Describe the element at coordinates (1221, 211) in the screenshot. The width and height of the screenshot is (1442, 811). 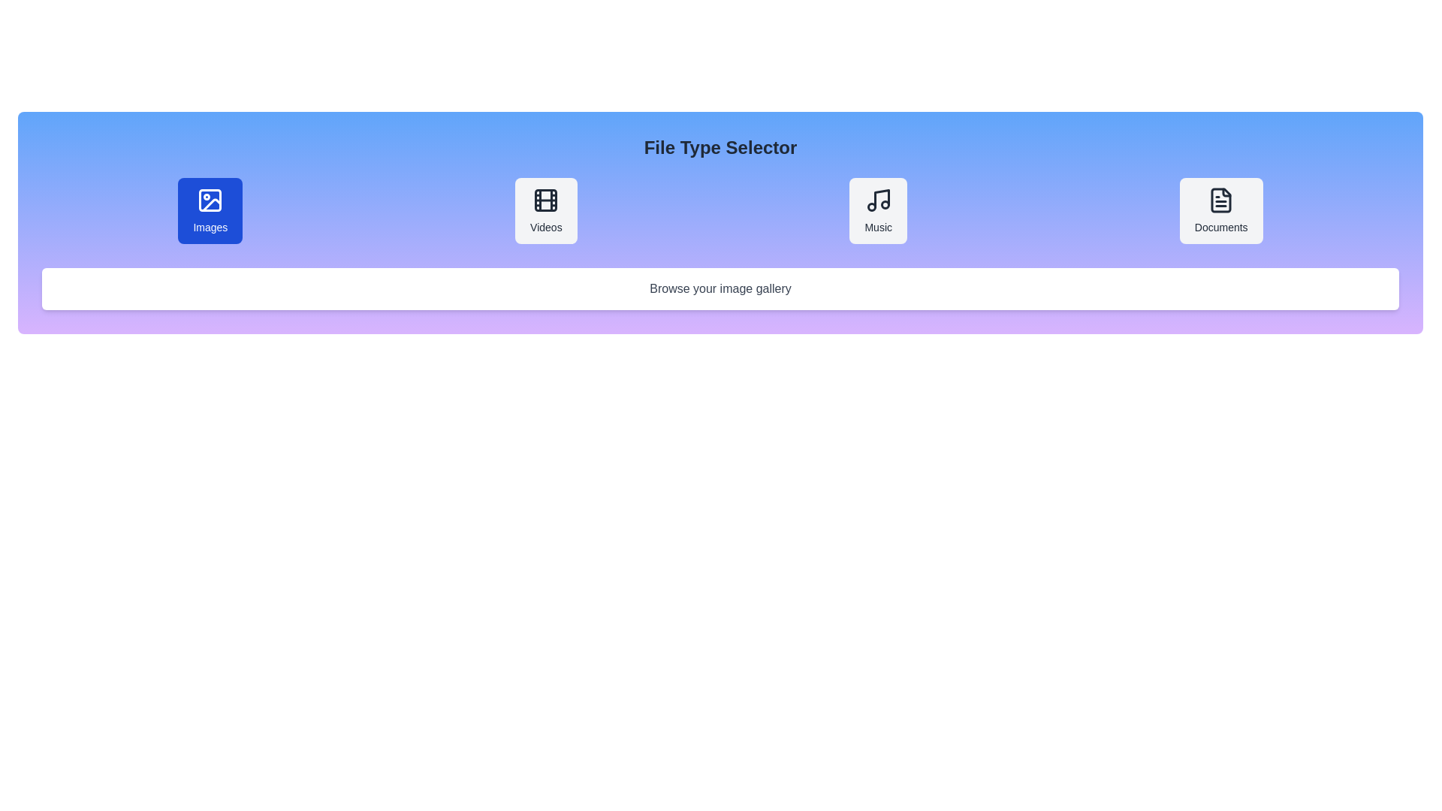
I see `the button corresponding to the file type Documents` at that location.